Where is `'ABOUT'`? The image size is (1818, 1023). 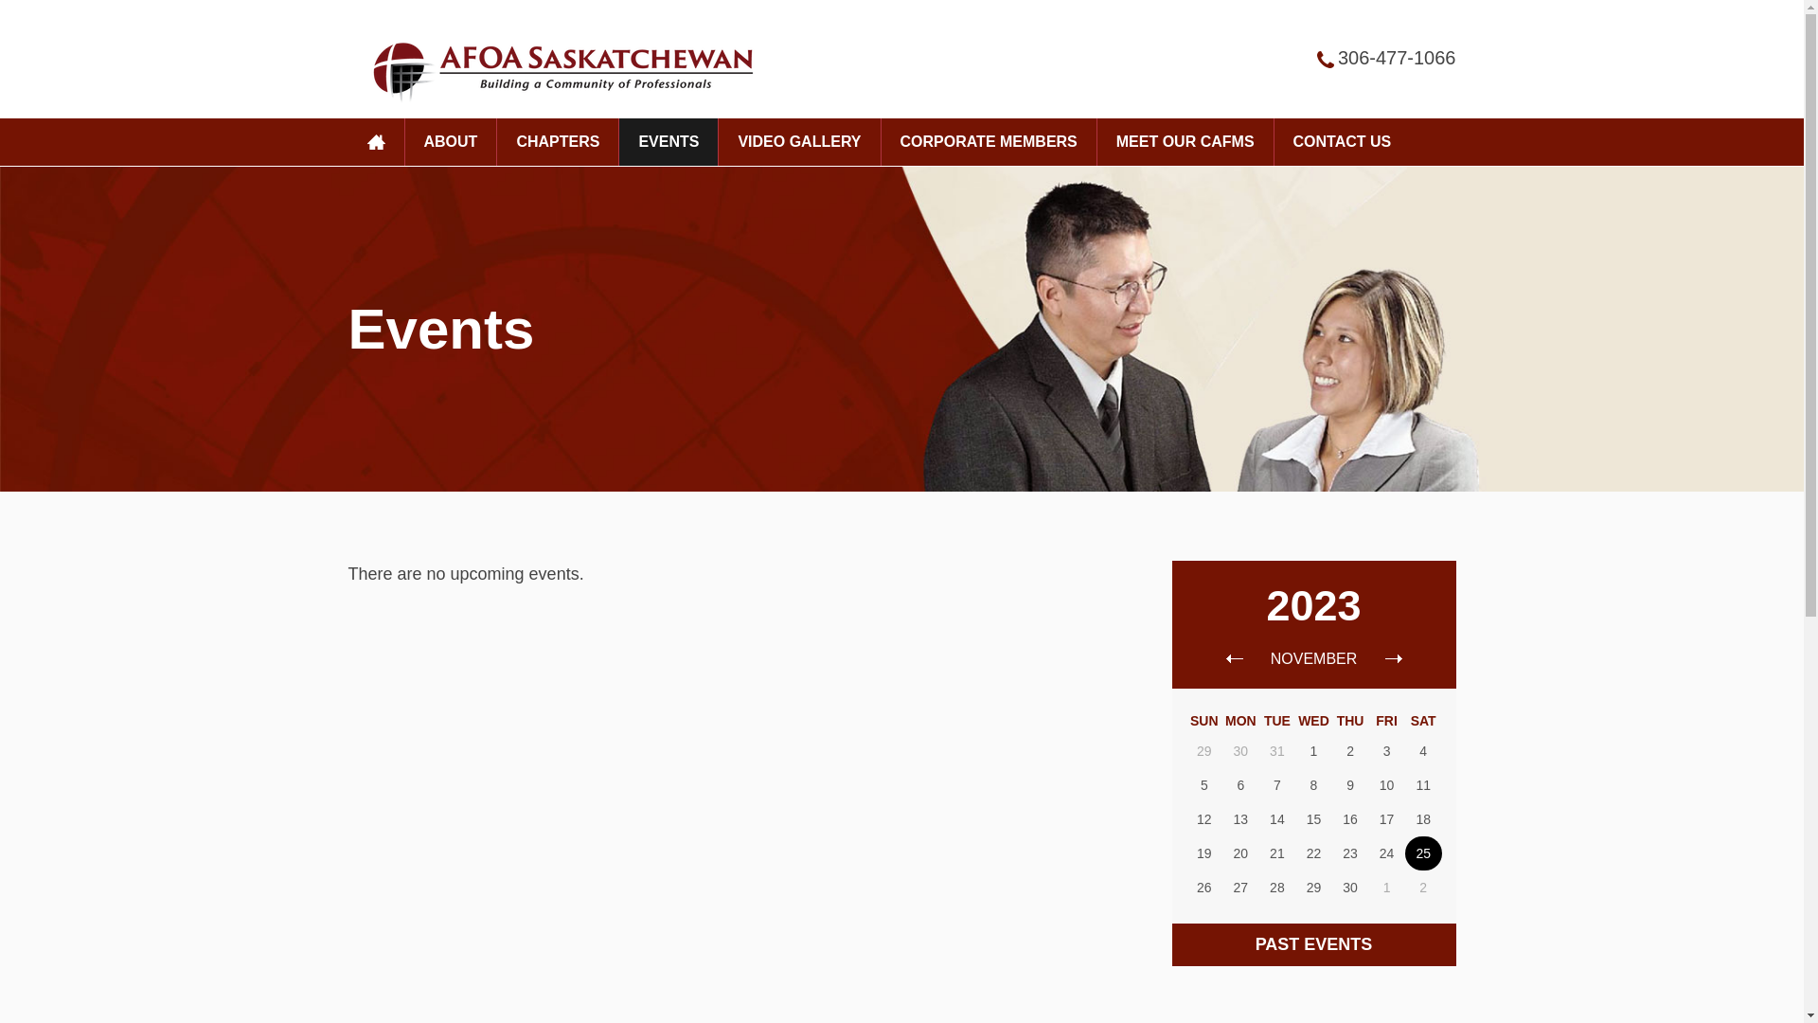
'ABOUT' is located at coordinates (450, 141).